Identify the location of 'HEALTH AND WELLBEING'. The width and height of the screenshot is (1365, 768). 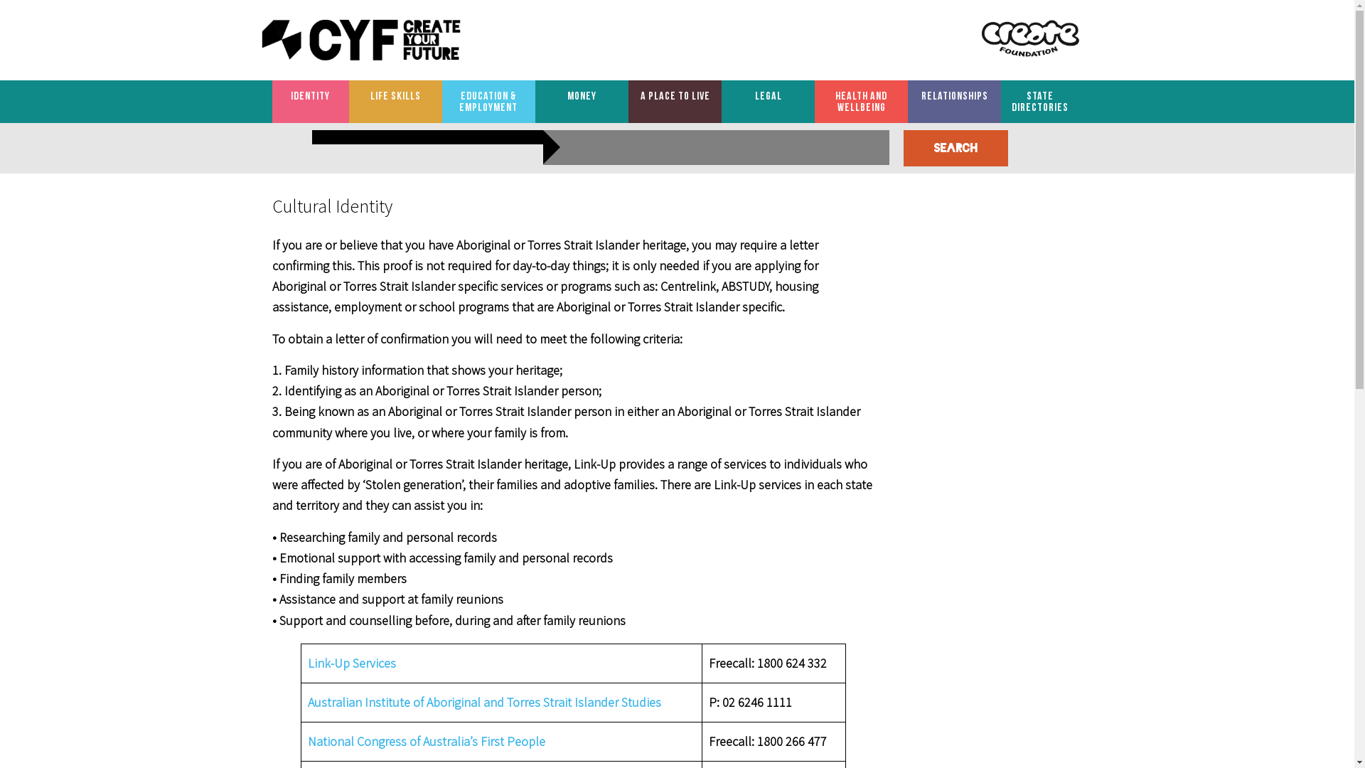
(815, 101).